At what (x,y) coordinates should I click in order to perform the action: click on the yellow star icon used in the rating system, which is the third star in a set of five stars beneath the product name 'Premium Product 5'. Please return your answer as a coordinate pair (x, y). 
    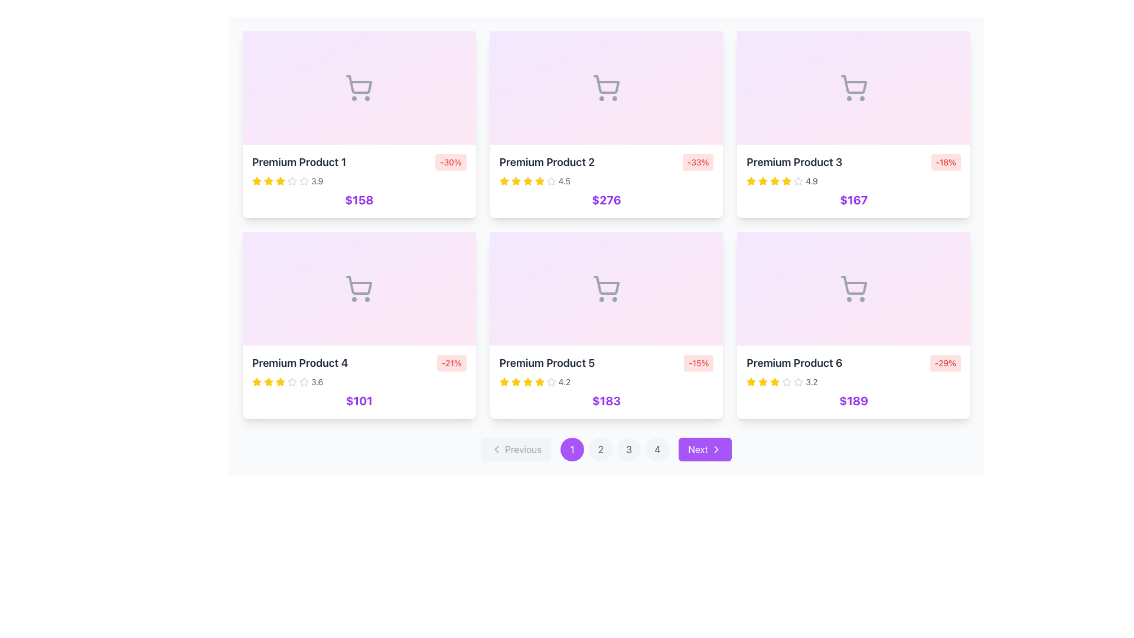
    Looking at the image, I should click on (516, 382).